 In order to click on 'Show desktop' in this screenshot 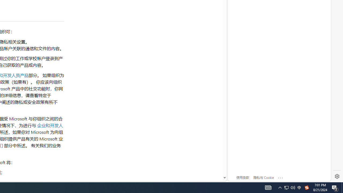, I will do `click(342, 187)`.